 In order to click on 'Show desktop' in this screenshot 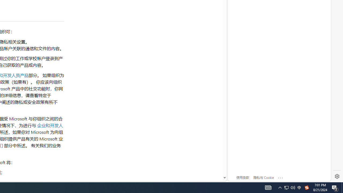, I will do `click(342, 187)`.